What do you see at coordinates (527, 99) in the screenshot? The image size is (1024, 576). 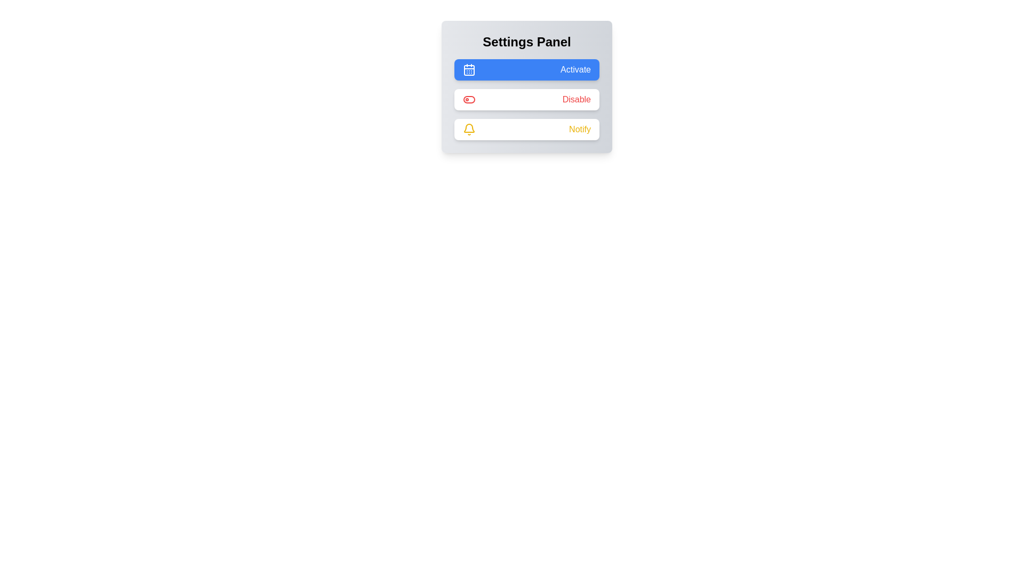 I see `the second interactive button in the vertical list, located below the blue 'Activate' button and above the yellow 'Notify' button` at bounding box center [527, 99].